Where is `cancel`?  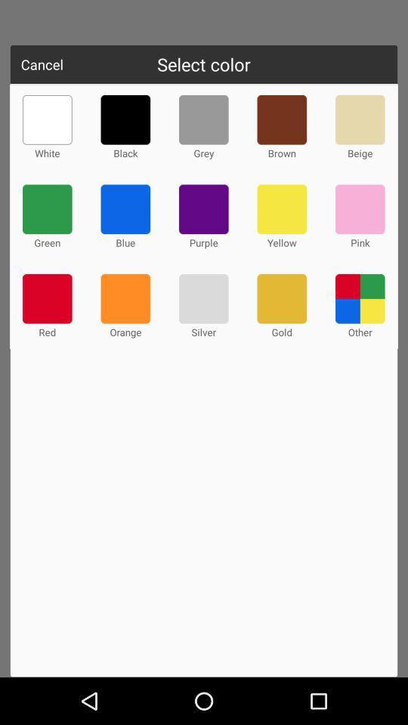 cancel is located at coordinates (42, 64).